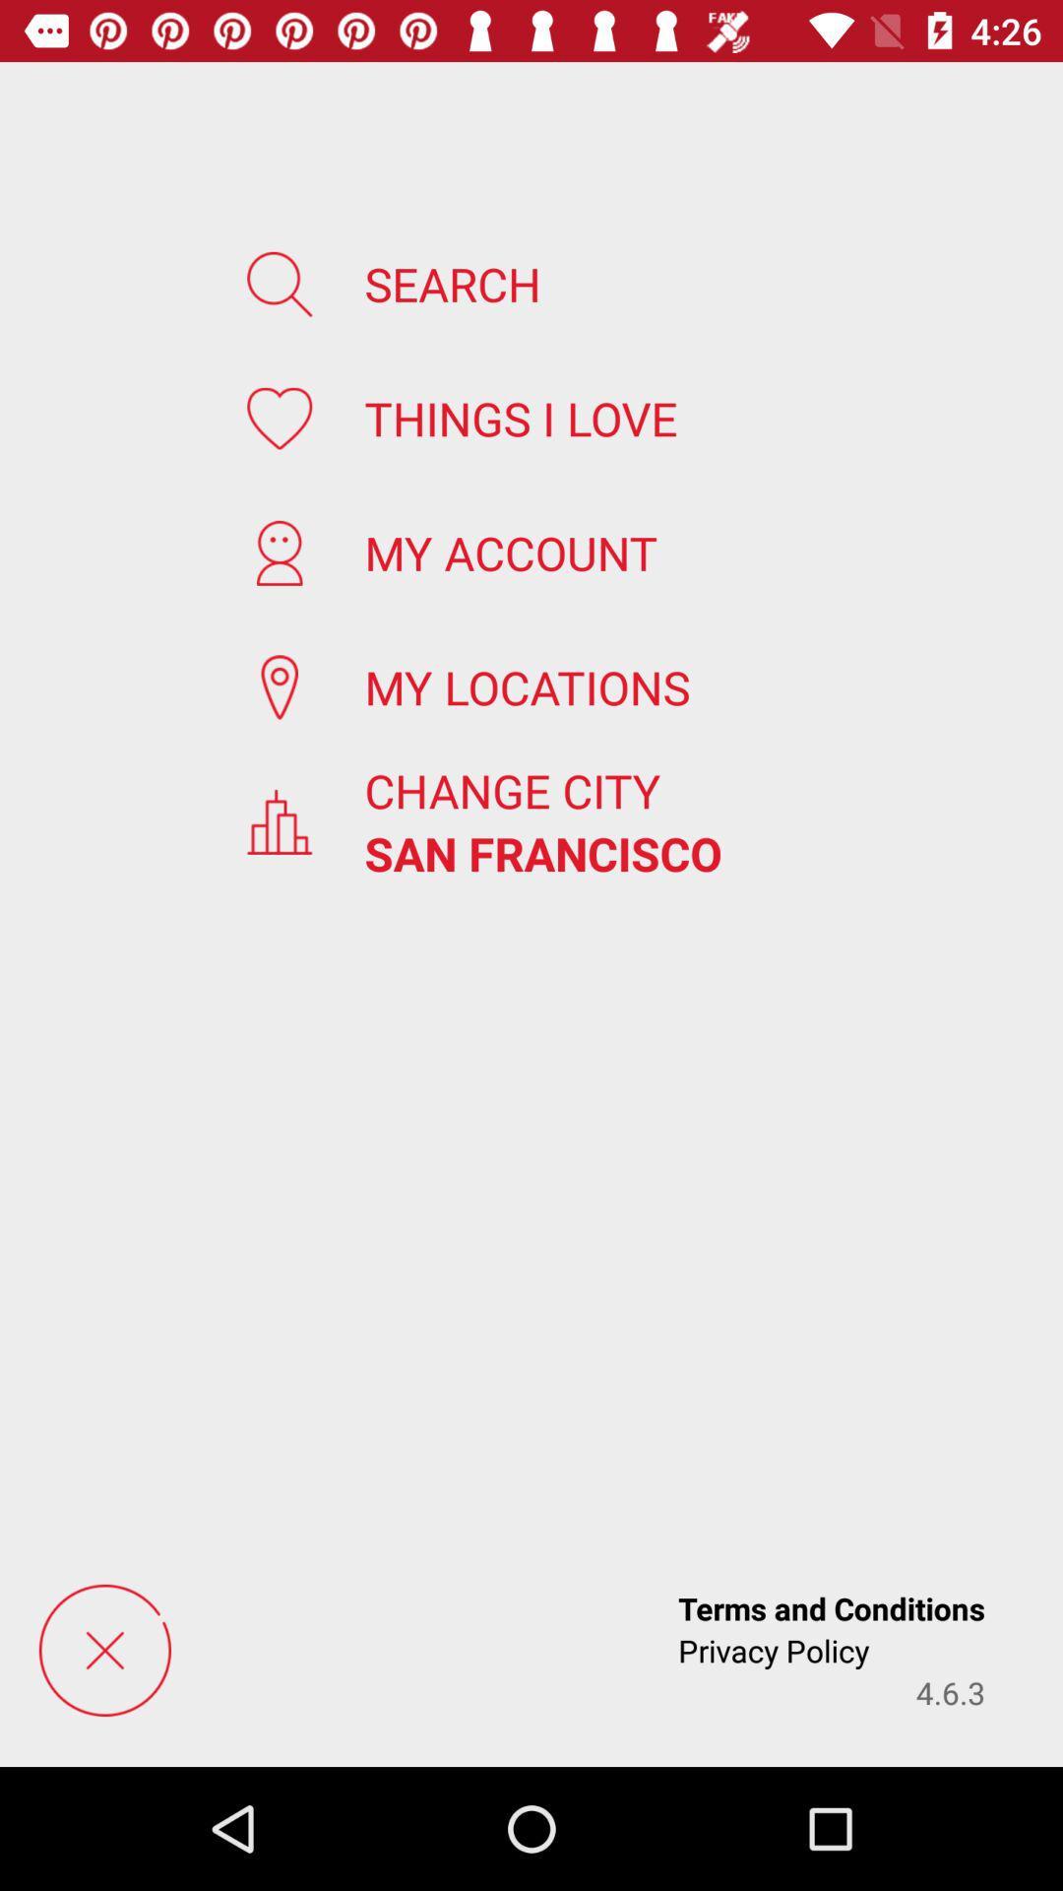 This screenshot has width=1063, height=1891. What do you see at coordinates (543, 853) in the screenshot?
I see `icon above the terms and conditions item` at bounding box center [543, 853].